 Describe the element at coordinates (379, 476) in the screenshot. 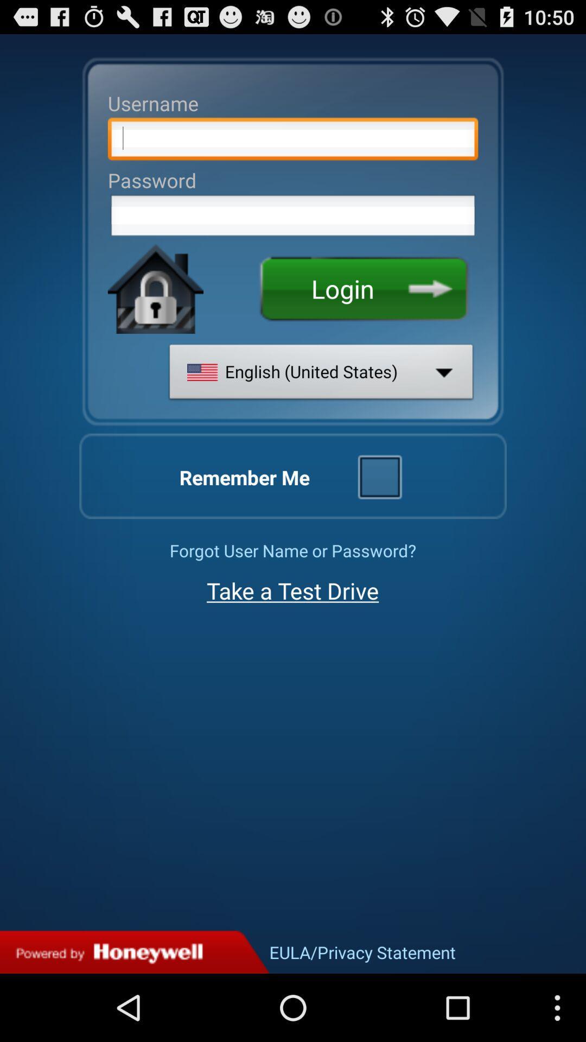

I see `remember me` at that location.